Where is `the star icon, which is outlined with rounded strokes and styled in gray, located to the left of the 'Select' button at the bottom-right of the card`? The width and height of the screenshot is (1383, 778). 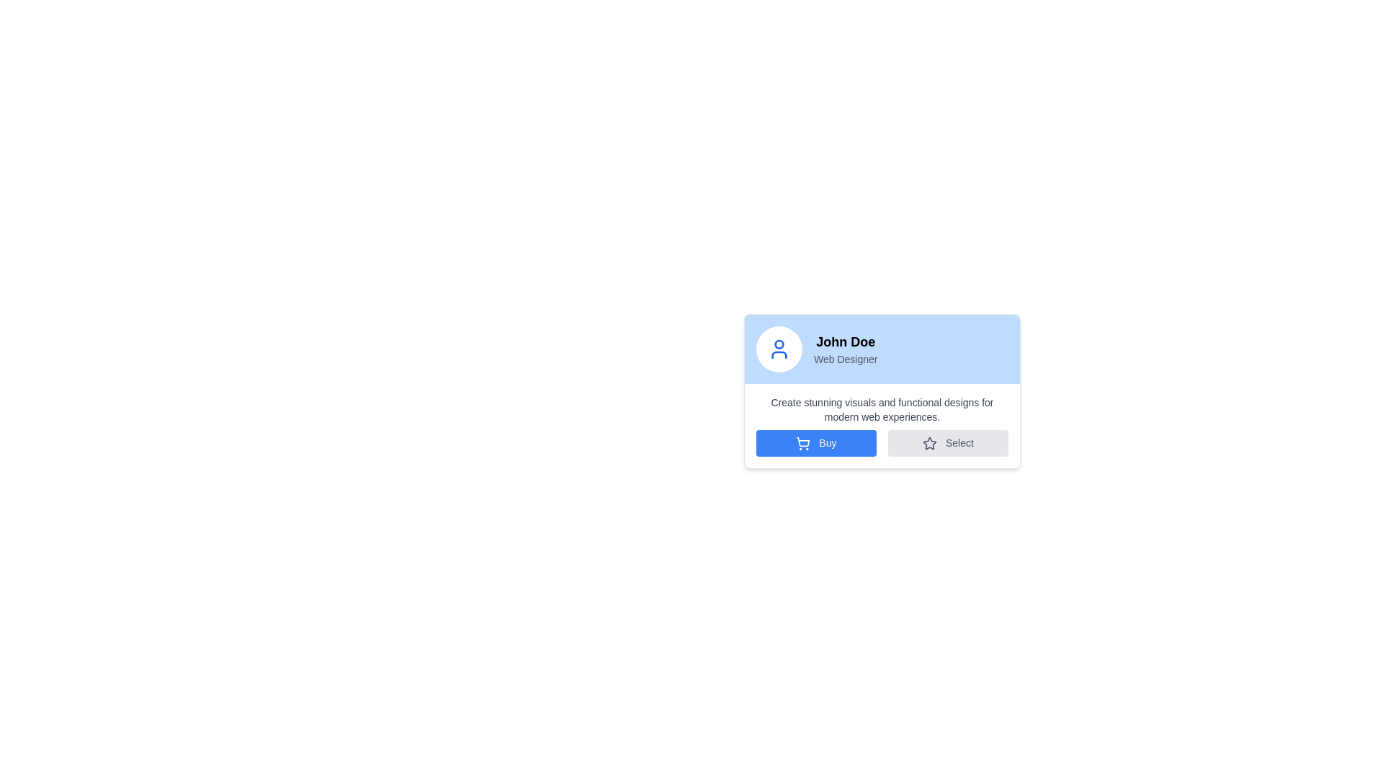
the star icon, which is outlined with rounded strokes and styled in gray, located to the left of the 'Select' button at the bottom-right of the card is located at coordinates (930, 443).